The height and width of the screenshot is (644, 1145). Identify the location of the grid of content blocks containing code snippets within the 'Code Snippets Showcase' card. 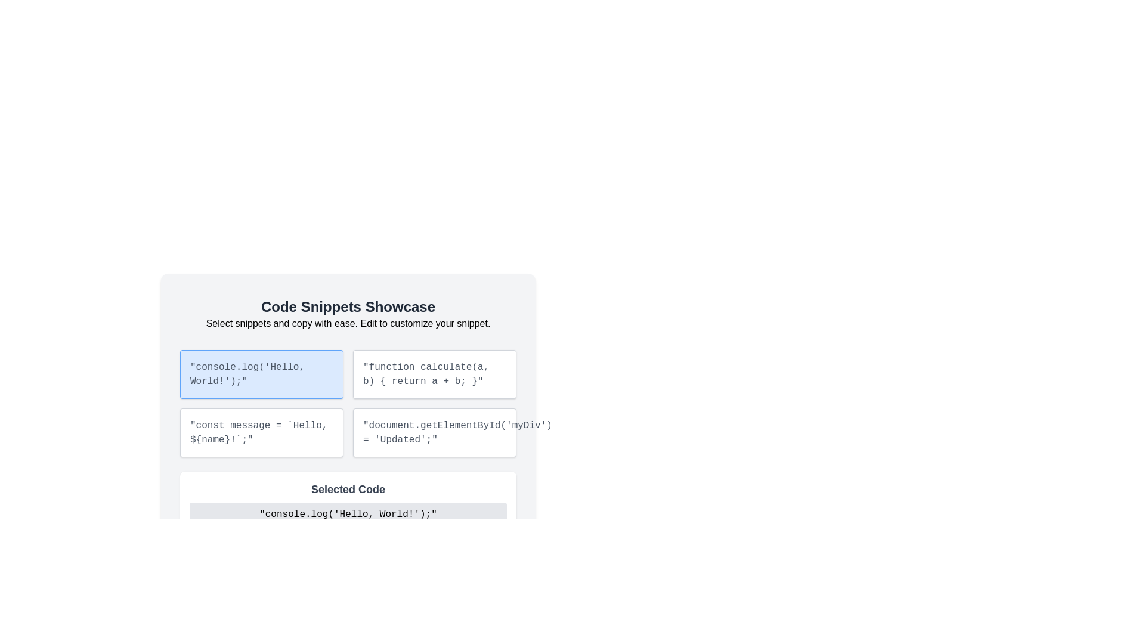
(348, 403).